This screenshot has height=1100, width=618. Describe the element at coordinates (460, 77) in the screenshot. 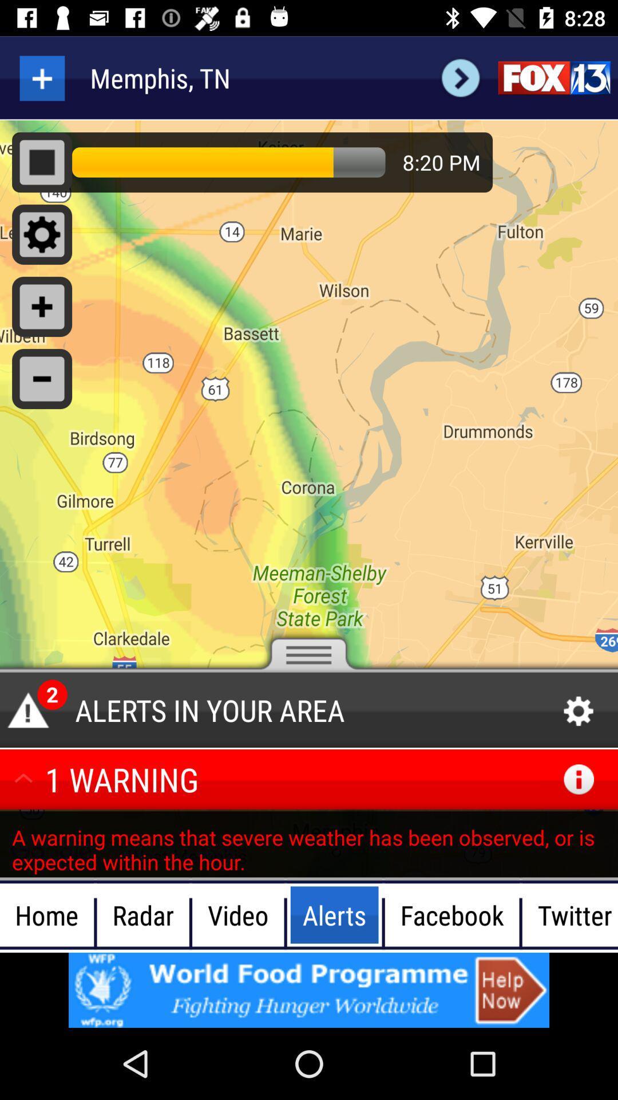

I see `the arrow_forward icon` at that location.